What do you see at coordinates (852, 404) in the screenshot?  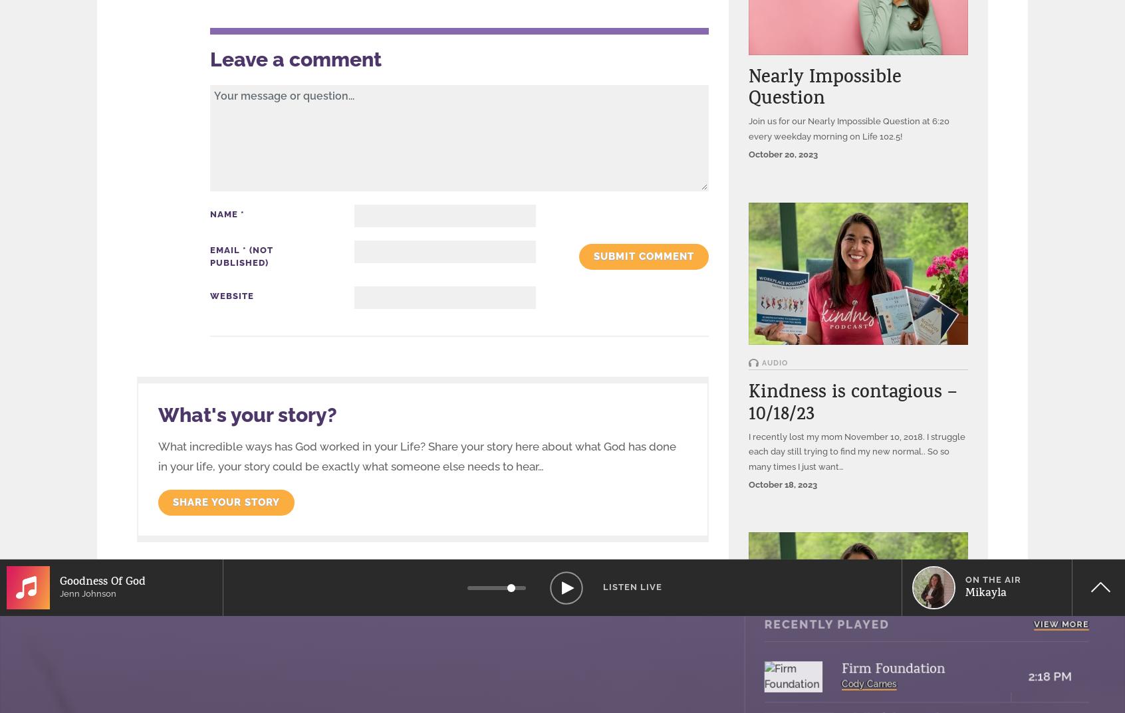 I see `'Kindness is contagious – 10/18/23'` at bounding box center [852, 404].